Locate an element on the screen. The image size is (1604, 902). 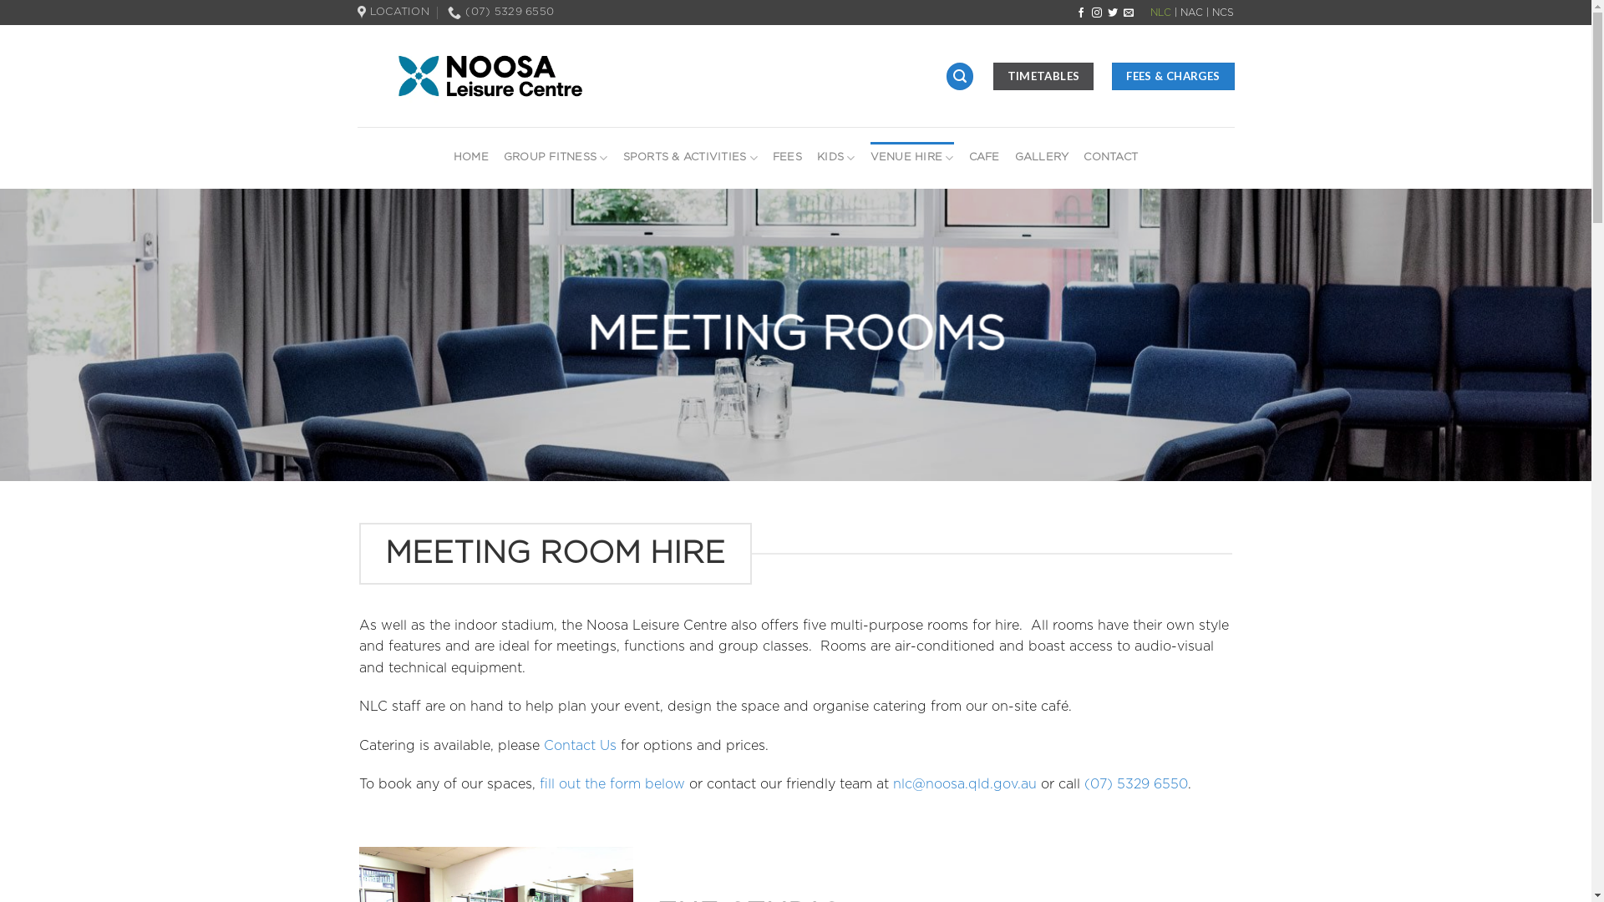
'GROUP FITNESS' is located at coordinates (556, 158).